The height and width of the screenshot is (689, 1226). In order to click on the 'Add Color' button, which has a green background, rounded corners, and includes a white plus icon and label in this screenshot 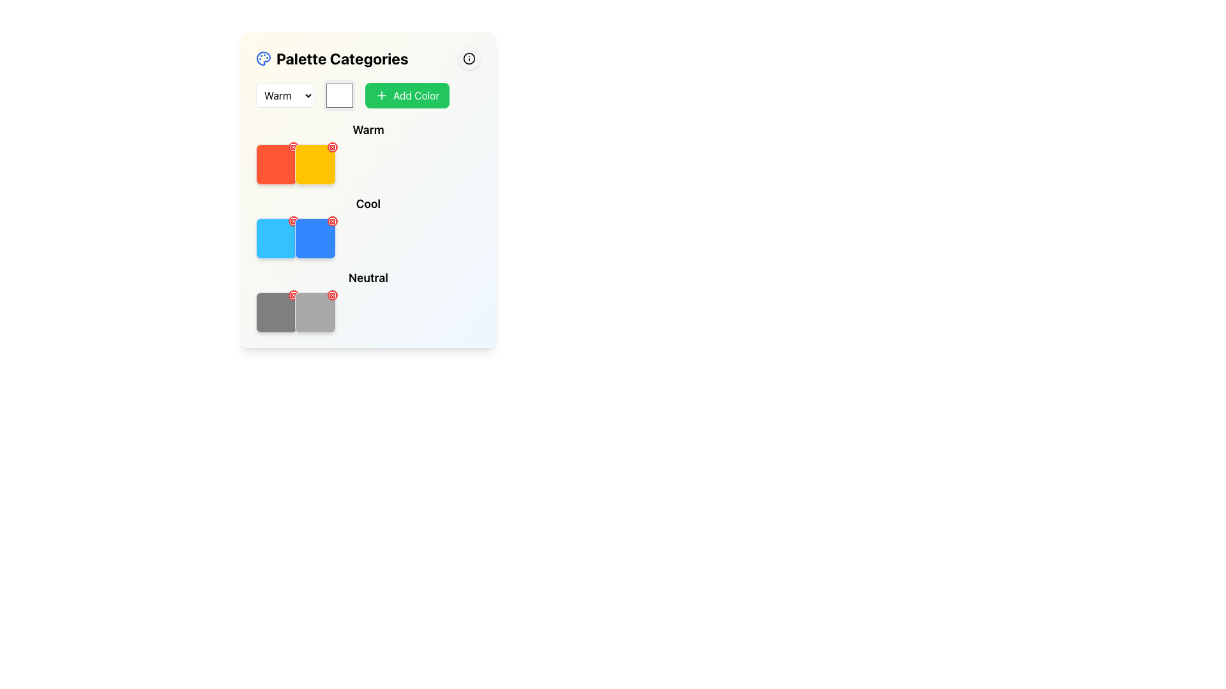, I will do `click(407, 95)`.